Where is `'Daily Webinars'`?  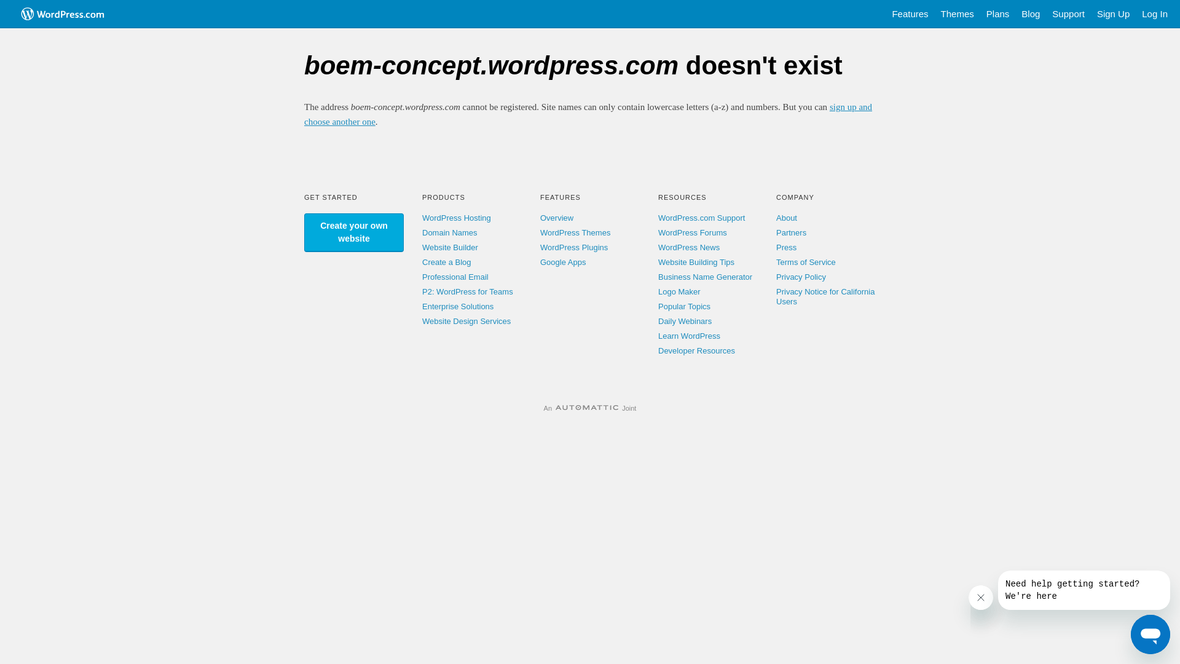
'Daily Webinars' is located at coordinates (657, 320).